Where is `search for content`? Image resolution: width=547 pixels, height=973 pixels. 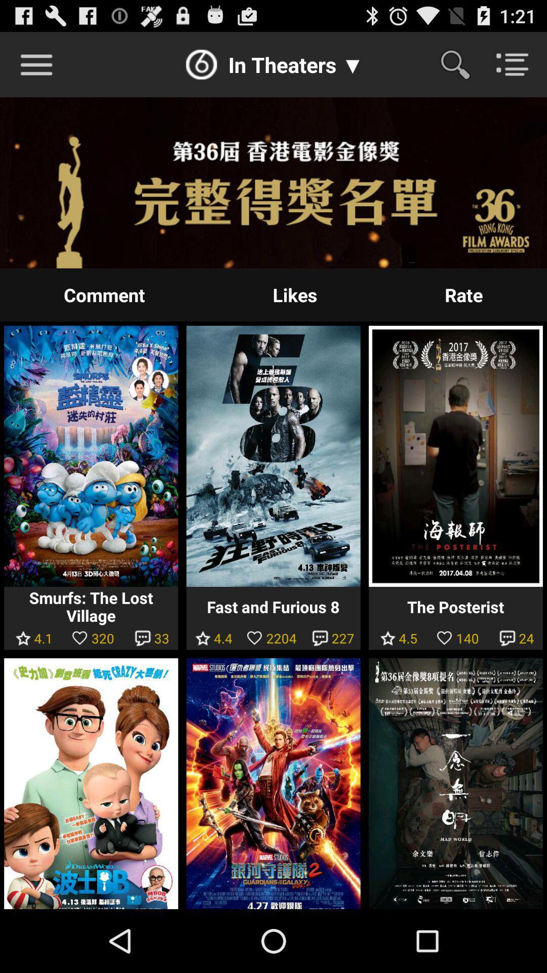 search for content is located at coordinates (461, 64).